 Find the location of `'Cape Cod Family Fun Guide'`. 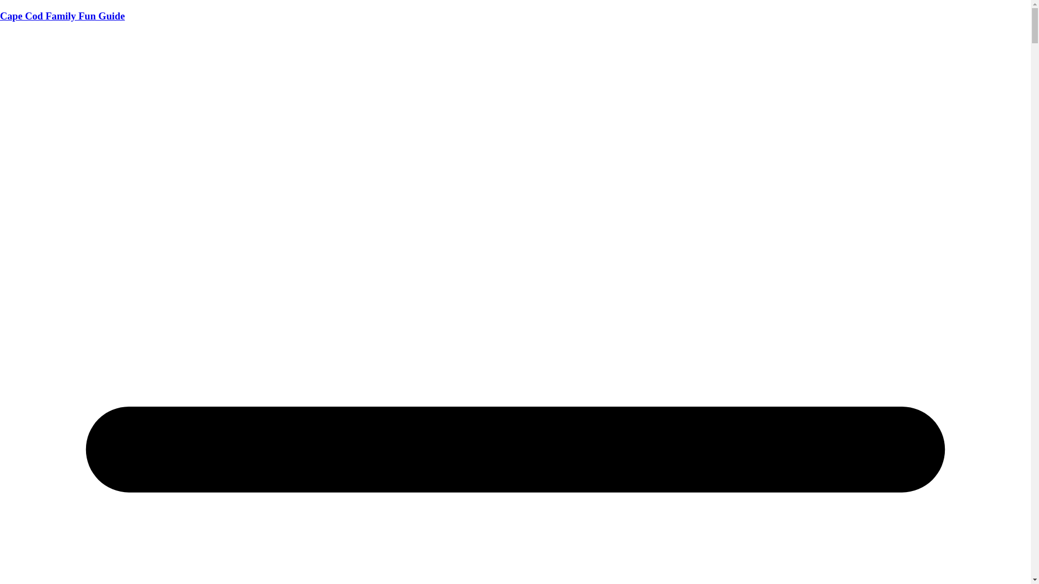

'Cape Cod Family Fun Guide' is located at coordinates (62, 16).